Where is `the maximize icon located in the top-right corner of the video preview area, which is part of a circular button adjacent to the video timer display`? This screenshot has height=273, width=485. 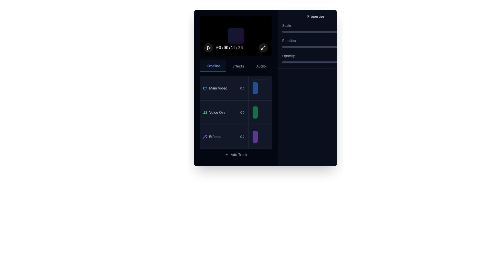
the maximize icon located in the top-right corner of the video preview area, which is part of a circular button adjacent to the video timer display is located at coordinates (263, 48).